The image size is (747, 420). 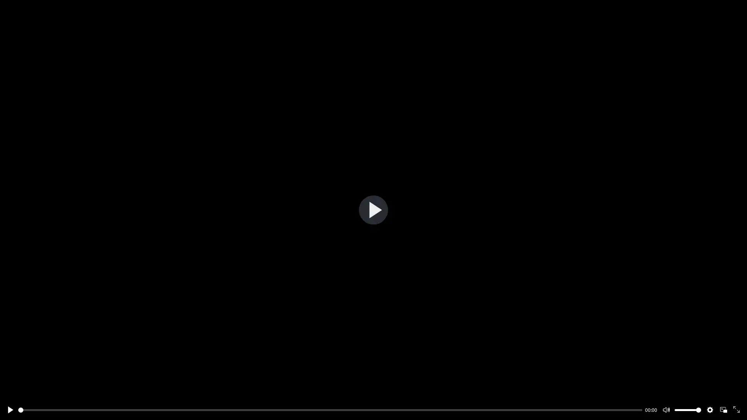 I want to click on Bild-i-bild, so click(x=722, y=409).